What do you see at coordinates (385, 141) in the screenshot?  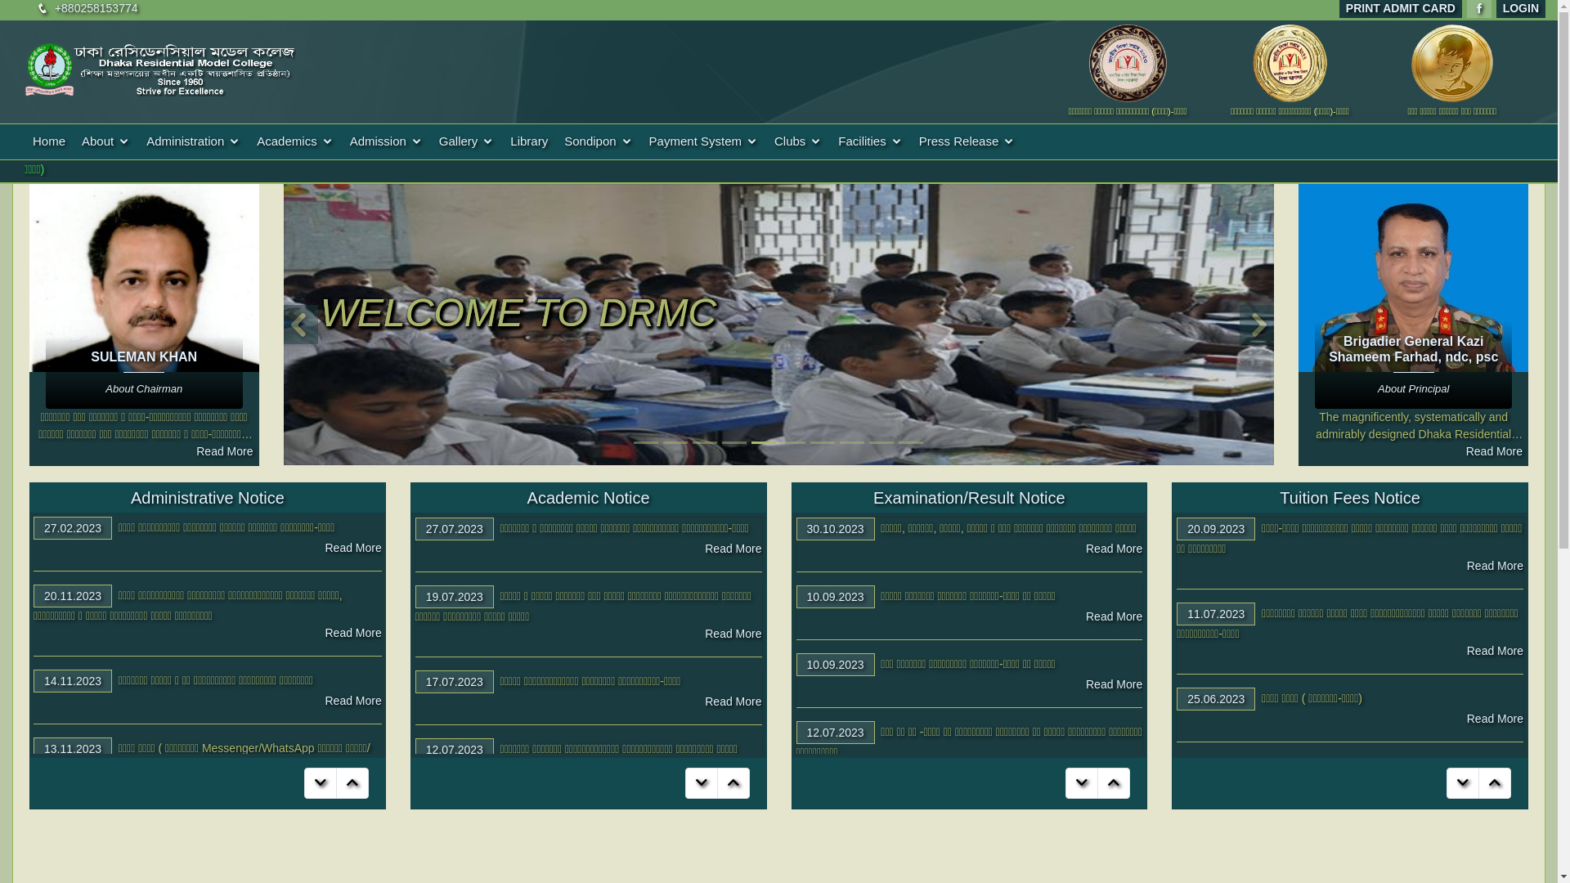 I see `'Admission'` at bounding box center [385, 141].